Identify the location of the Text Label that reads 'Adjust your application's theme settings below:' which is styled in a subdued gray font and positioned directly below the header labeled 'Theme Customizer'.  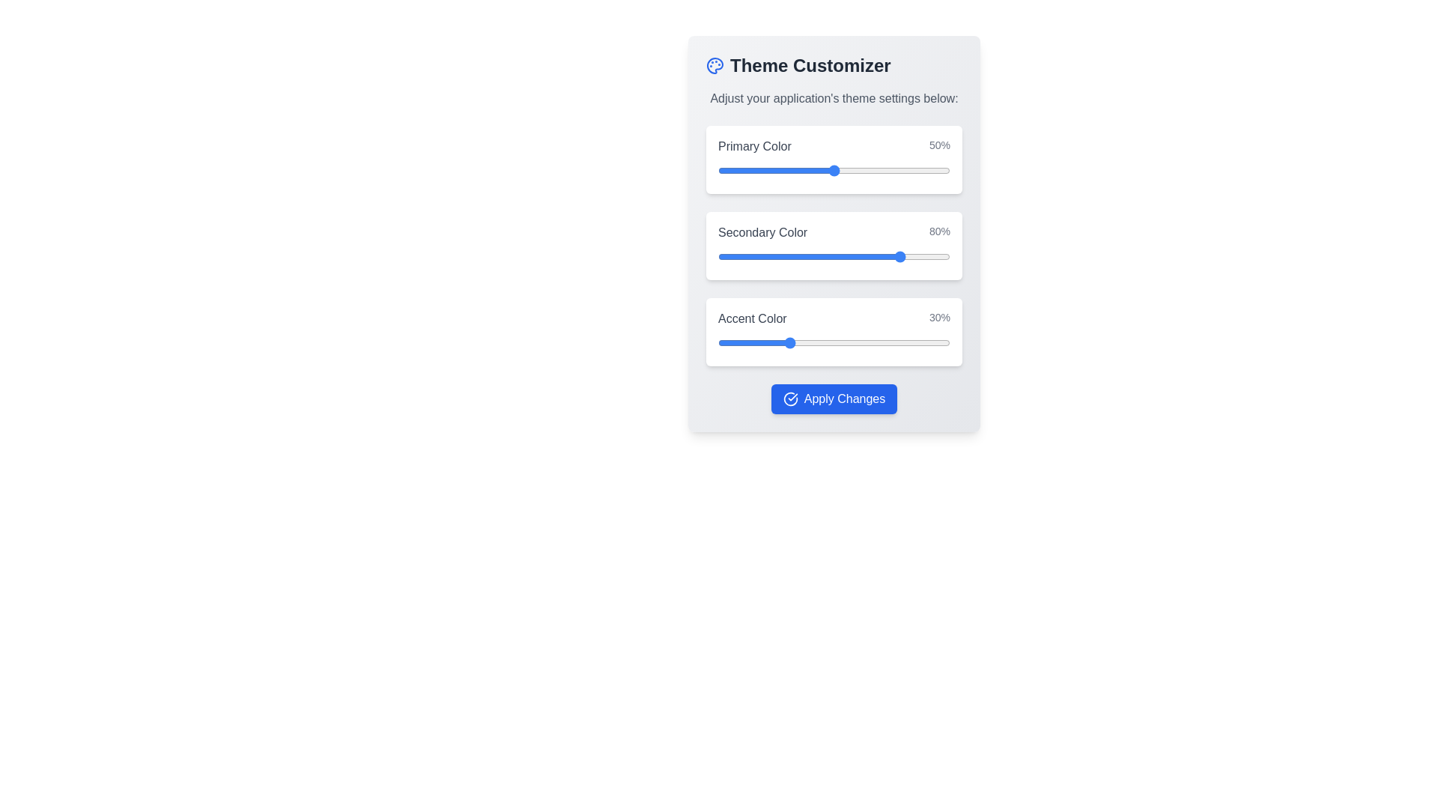
(833, 98).